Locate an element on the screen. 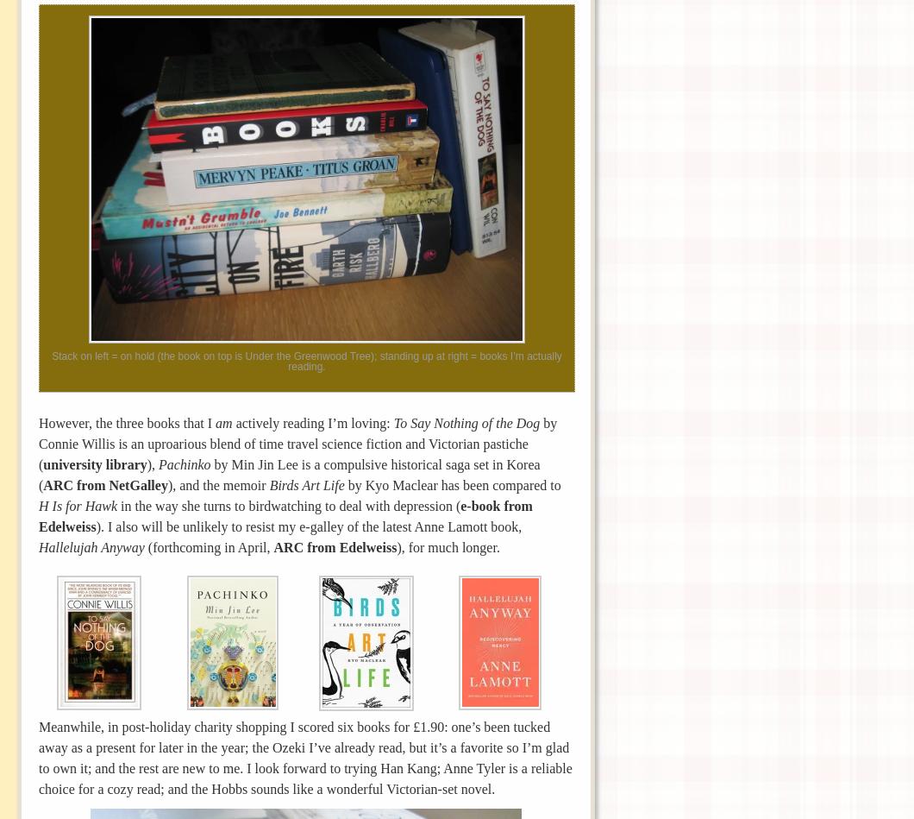 The width and height of the screenshot is (914, 819). '). I also will be unlikely to resist my e-galley of the latest Anne Lamott book,' is located at coordinates (308, 525).